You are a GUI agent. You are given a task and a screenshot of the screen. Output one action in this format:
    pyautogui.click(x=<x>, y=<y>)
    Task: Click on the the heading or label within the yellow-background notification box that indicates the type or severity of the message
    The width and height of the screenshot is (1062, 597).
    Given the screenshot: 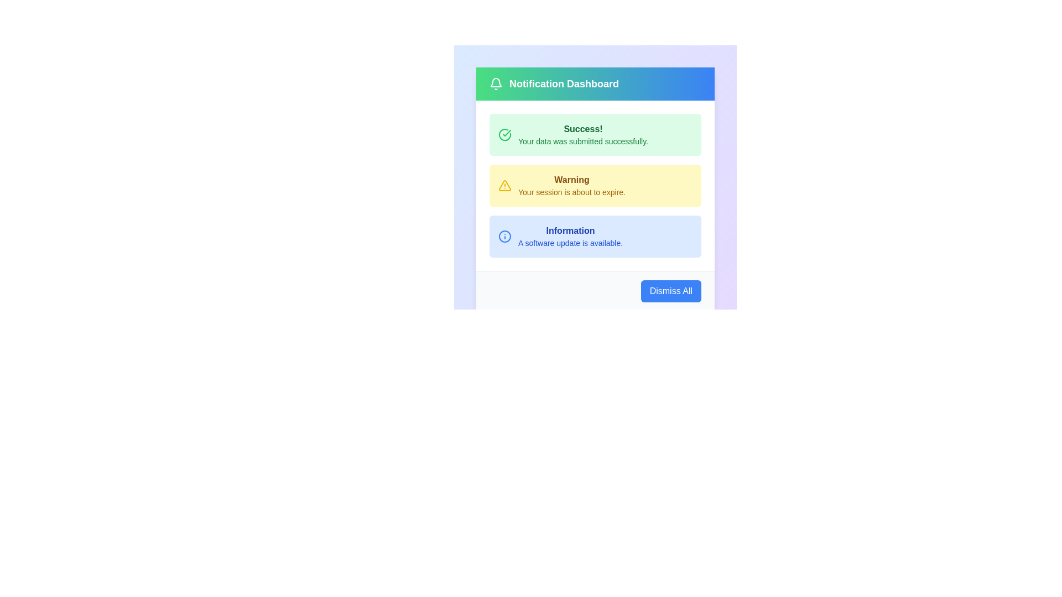 What is the action you would take?
    pyautogui.click(x=572, y=180)
    